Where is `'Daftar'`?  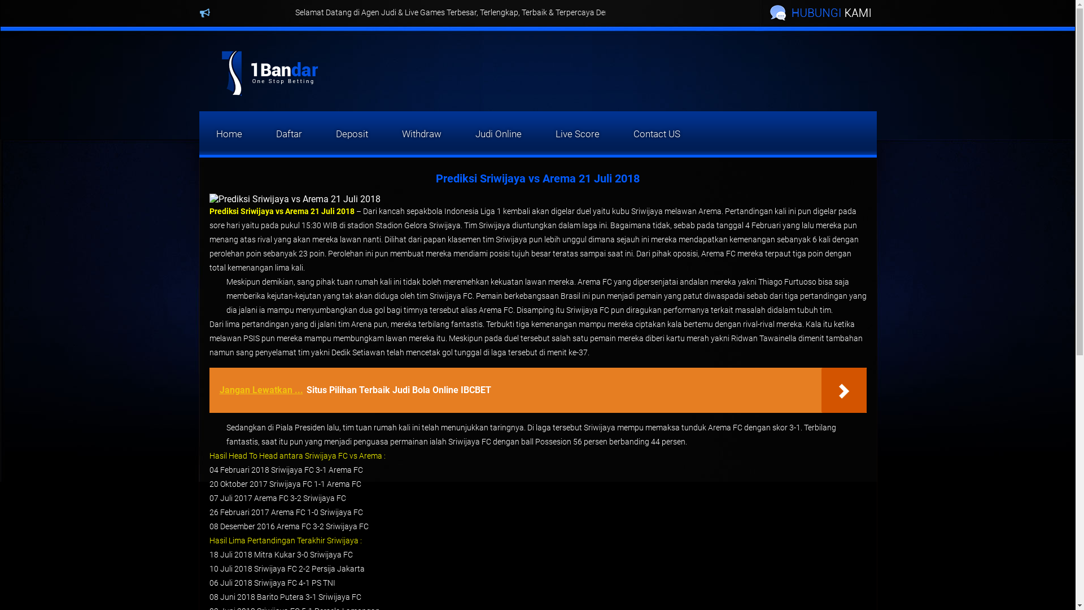 'Daftar' is located at coordinates (288, 133).